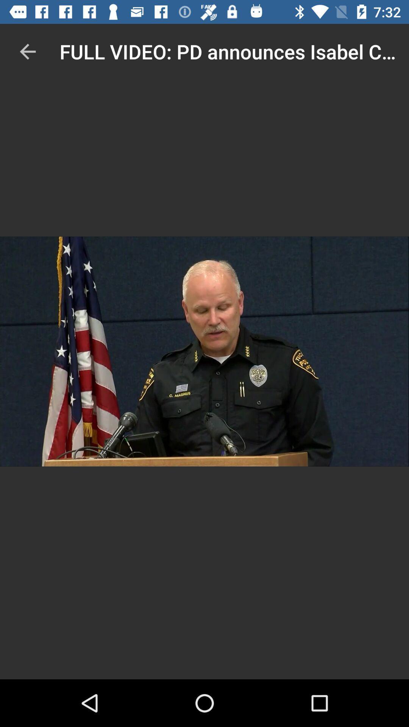  I want to click on item to the left of full video pd, so click(27, 51).